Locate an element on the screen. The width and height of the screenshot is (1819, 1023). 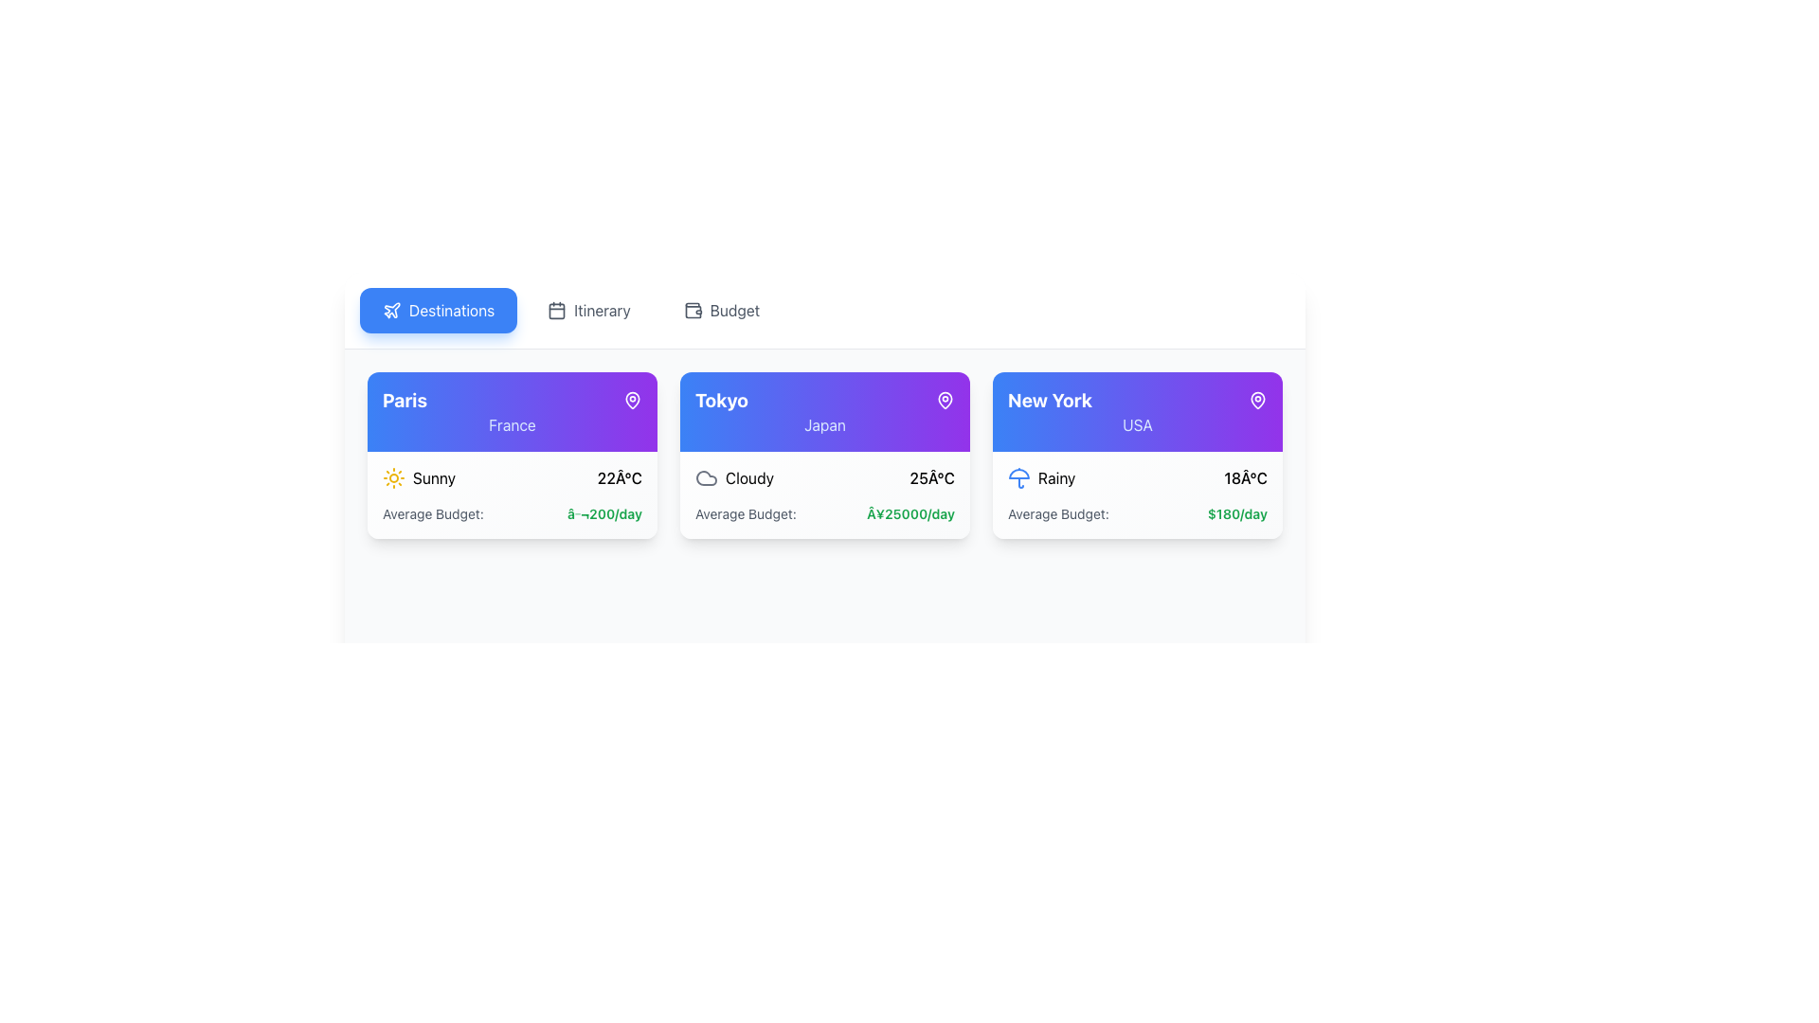
the 'Itinerary' text label is located at coordinates (601, 309).